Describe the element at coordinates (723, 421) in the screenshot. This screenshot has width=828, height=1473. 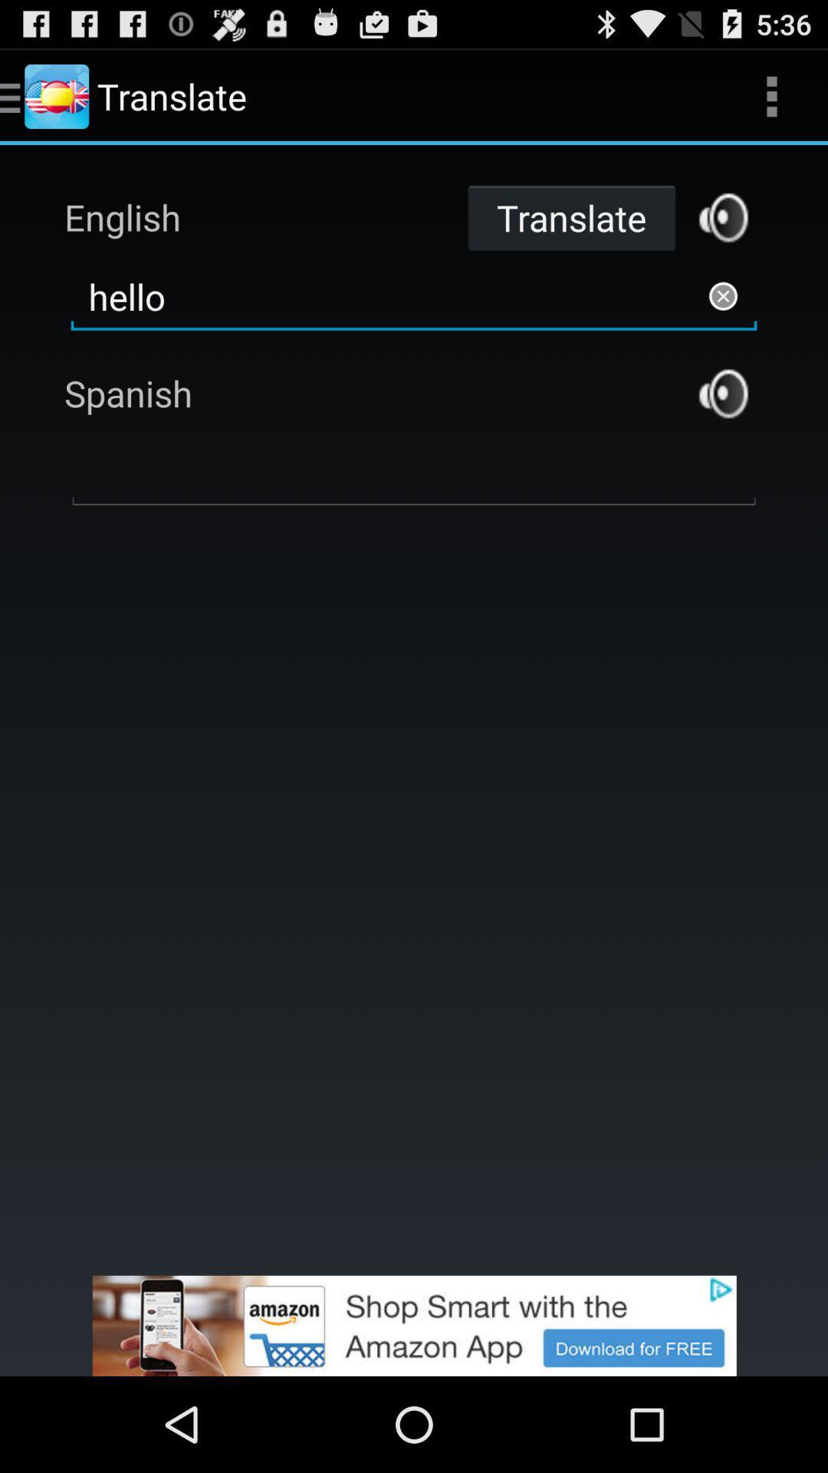
I see `the volume icon` at that location.